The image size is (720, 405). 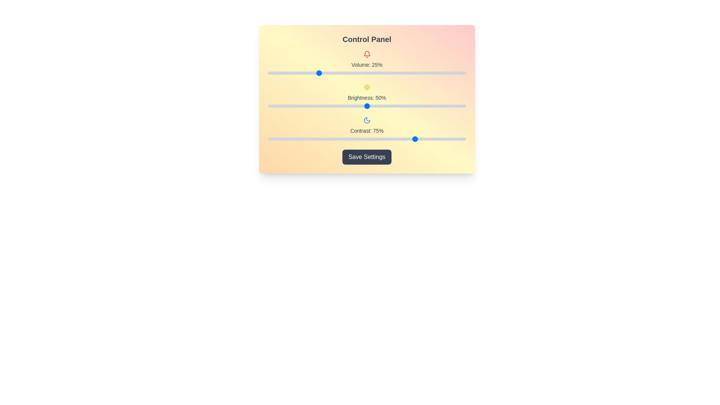 I want to click on contrast level, so click(x=448, y=139).